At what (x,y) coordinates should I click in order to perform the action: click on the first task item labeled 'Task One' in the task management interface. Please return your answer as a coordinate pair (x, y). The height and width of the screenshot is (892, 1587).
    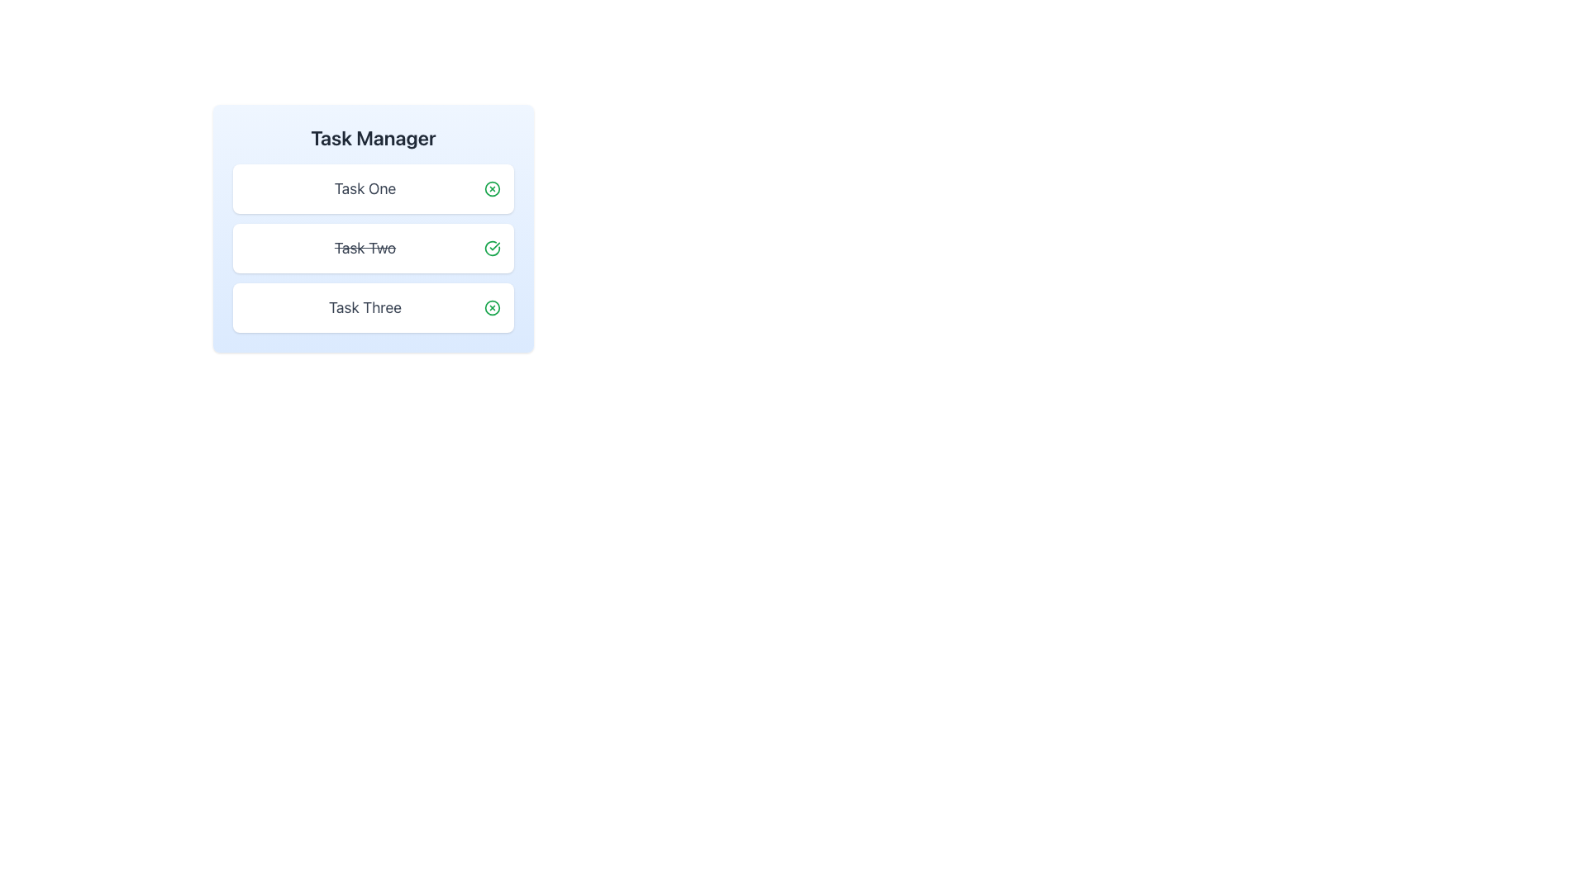
    Looking at the image, I should click on (372, 187).